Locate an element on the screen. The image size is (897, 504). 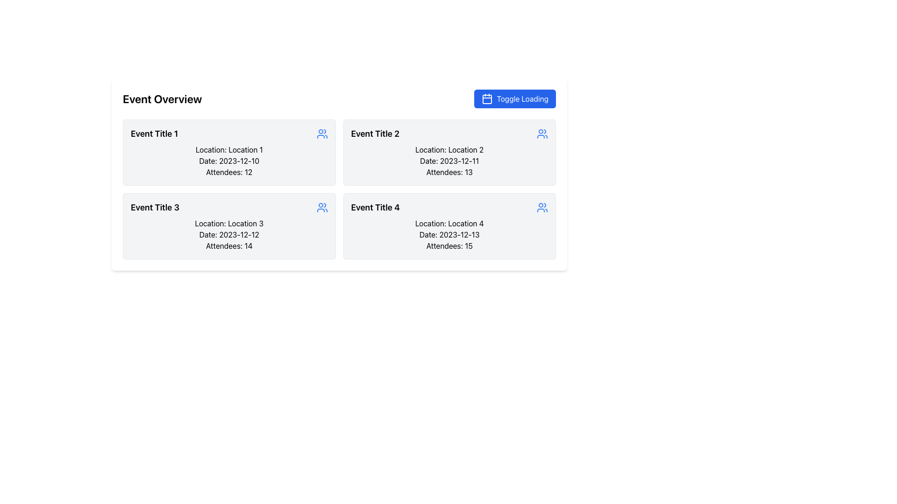
the bold text label displaying 'Event Title 3' located within the second card of the left column in the grid layout is located at coordinates (155, 207).